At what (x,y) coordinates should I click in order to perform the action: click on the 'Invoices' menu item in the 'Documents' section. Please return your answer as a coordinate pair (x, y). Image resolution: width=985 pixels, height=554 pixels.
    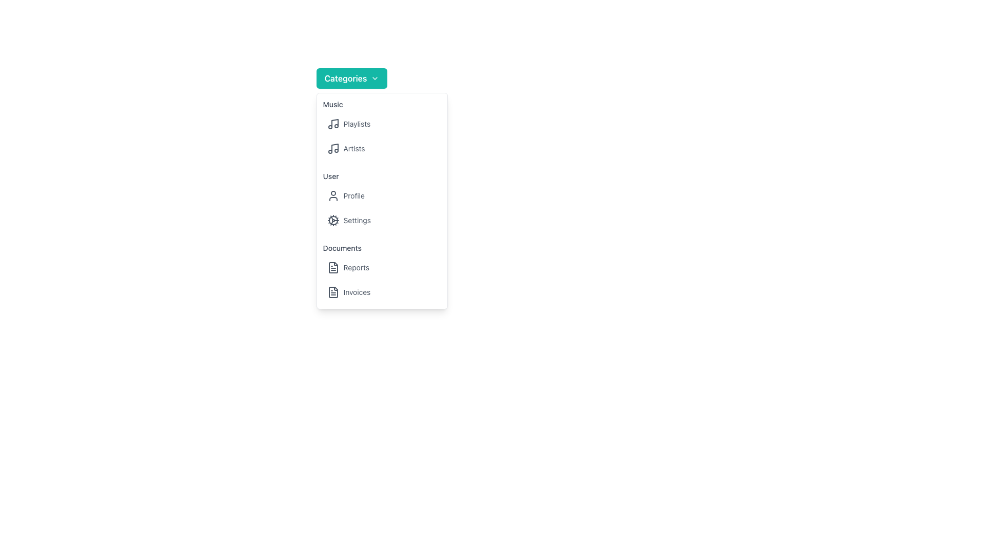
    Looking at the image, I should click on (381, 292).